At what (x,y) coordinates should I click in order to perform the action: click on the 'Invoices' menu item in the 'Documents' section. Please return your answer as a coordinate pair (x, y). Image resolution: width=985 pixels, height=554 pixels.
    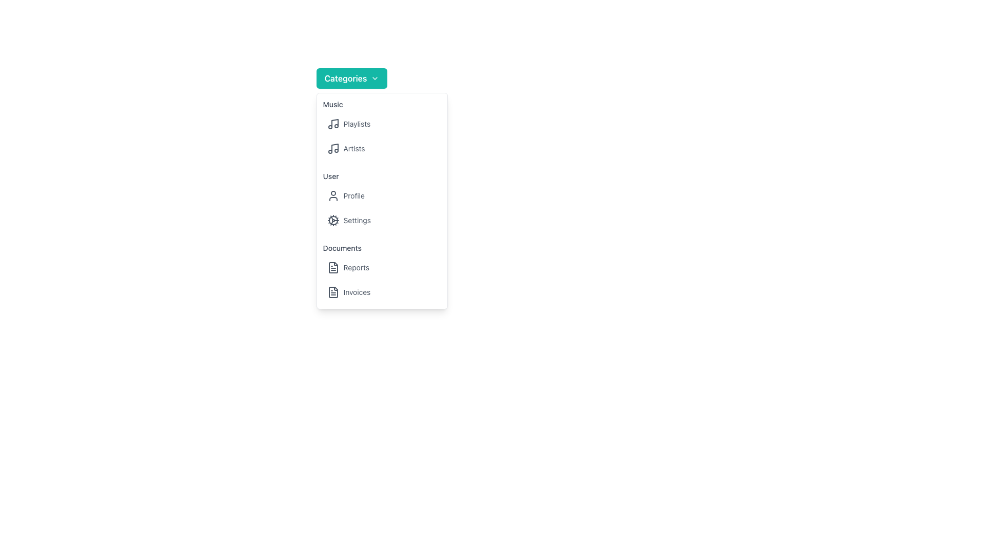
    Looking at the image, I should click on (381, 292).